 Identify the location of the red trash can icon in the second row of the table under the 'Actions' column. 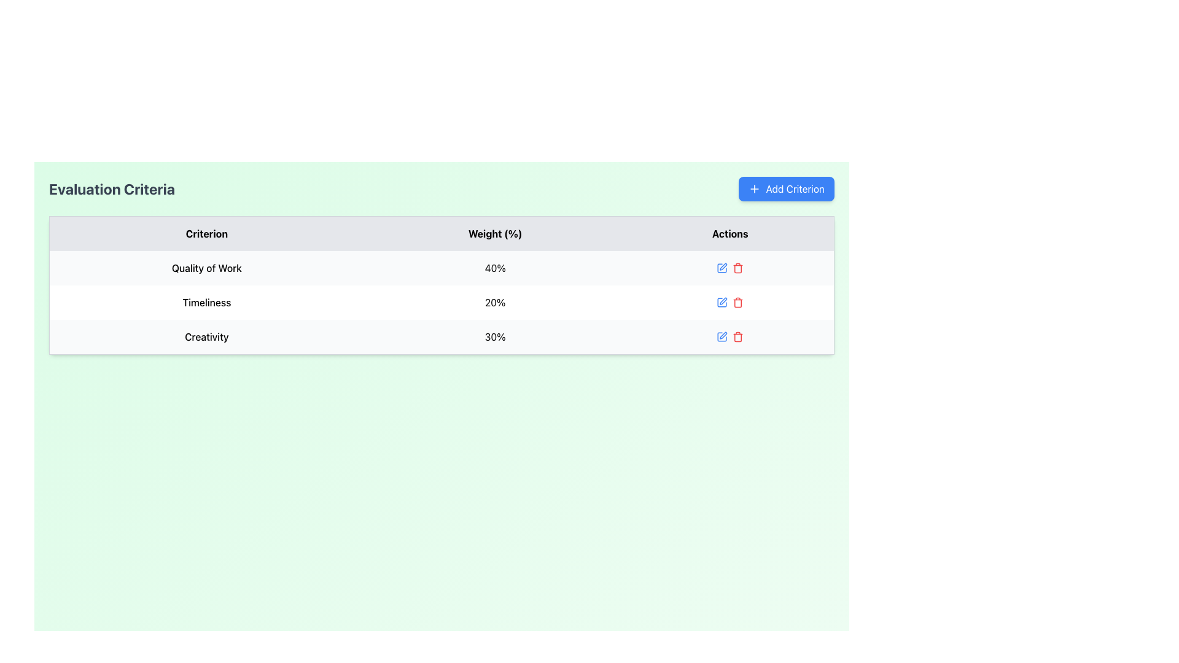
(730, 303).